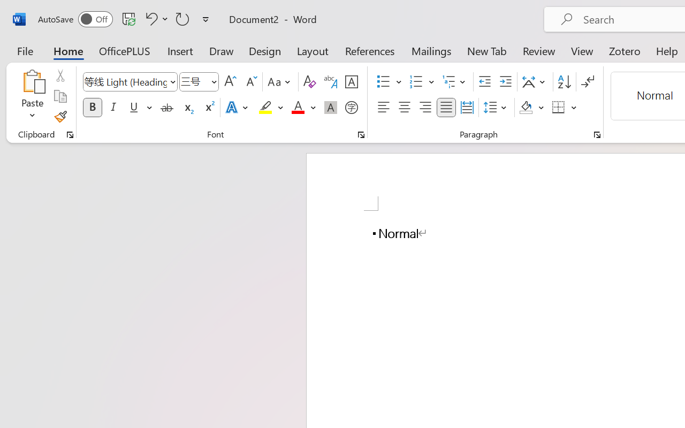 The width and height of the screenshot is (685, 428). Describe the element at coordinates (574, 108) in the screenshot. I see `'More Options'` at that location.